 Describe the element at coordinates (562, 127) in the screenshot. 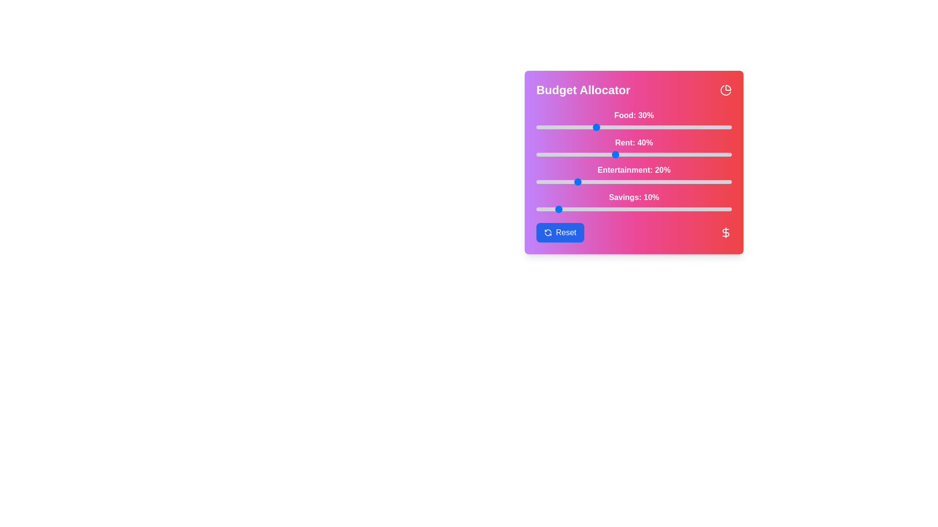

I see `the 'Food' budget slider` at that location.